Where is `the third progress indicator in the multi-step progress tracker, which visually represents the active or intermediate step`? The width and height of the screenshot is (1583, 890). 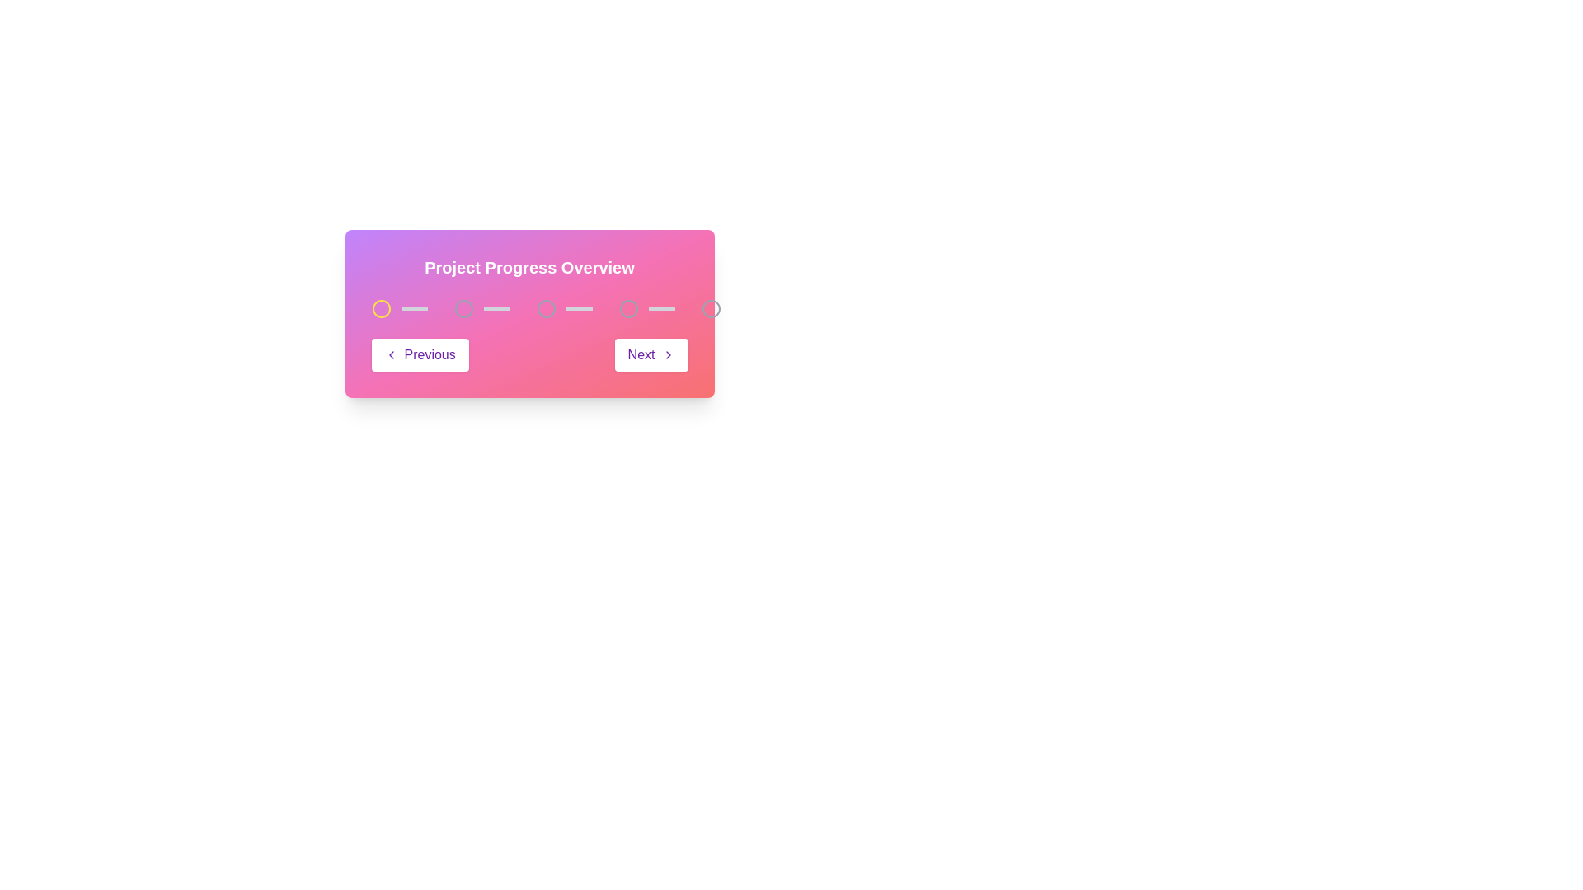 the third progress indicator in the multi-step progress tracker, which visually represents the active or intermediate step is located at coordinates (564, 308).